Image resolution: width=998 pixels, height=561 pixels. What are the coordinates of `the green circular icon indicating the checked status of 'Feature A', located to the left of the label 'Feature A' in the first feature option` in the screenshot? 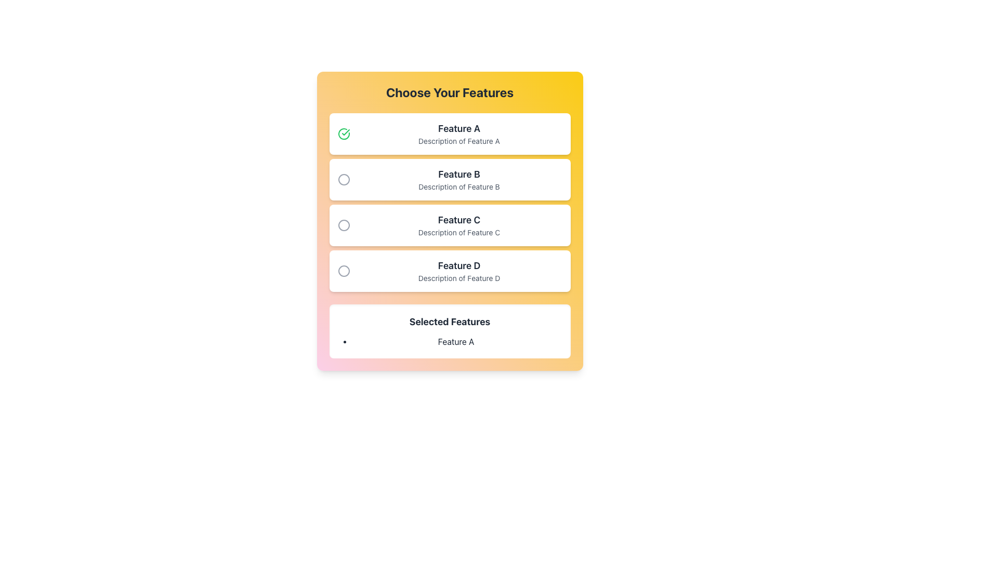 It's located at (346, 131).